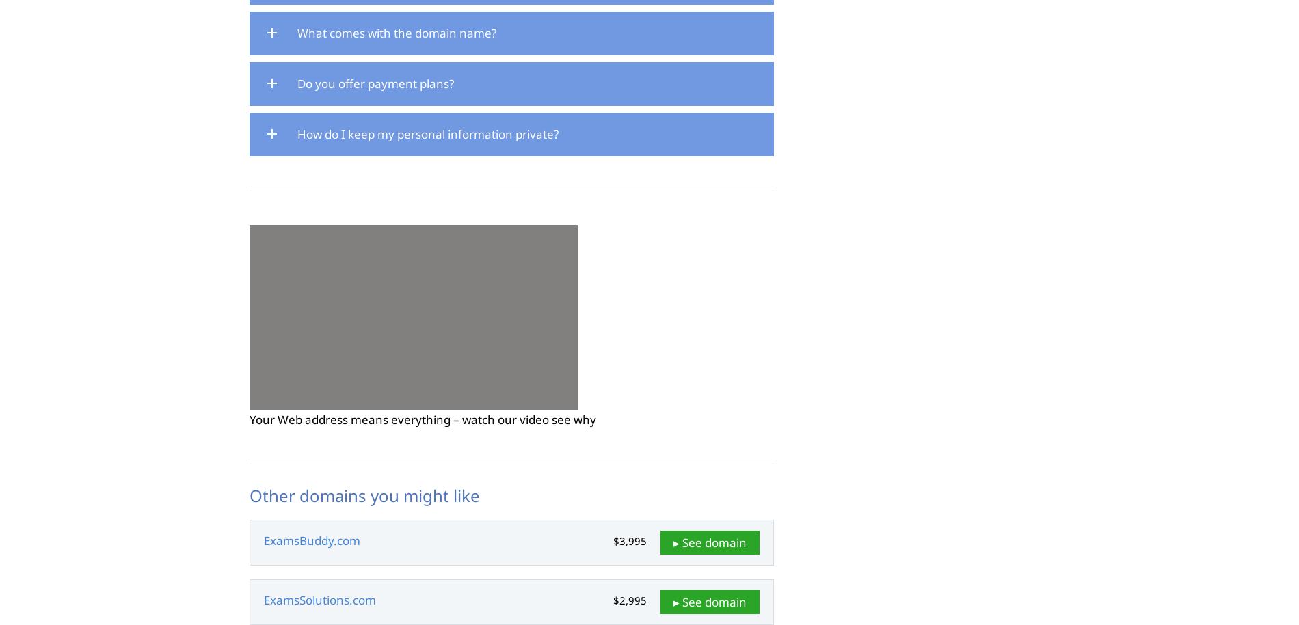  I want to click on 'How do I keep my personal information private?', so click(428, 133).